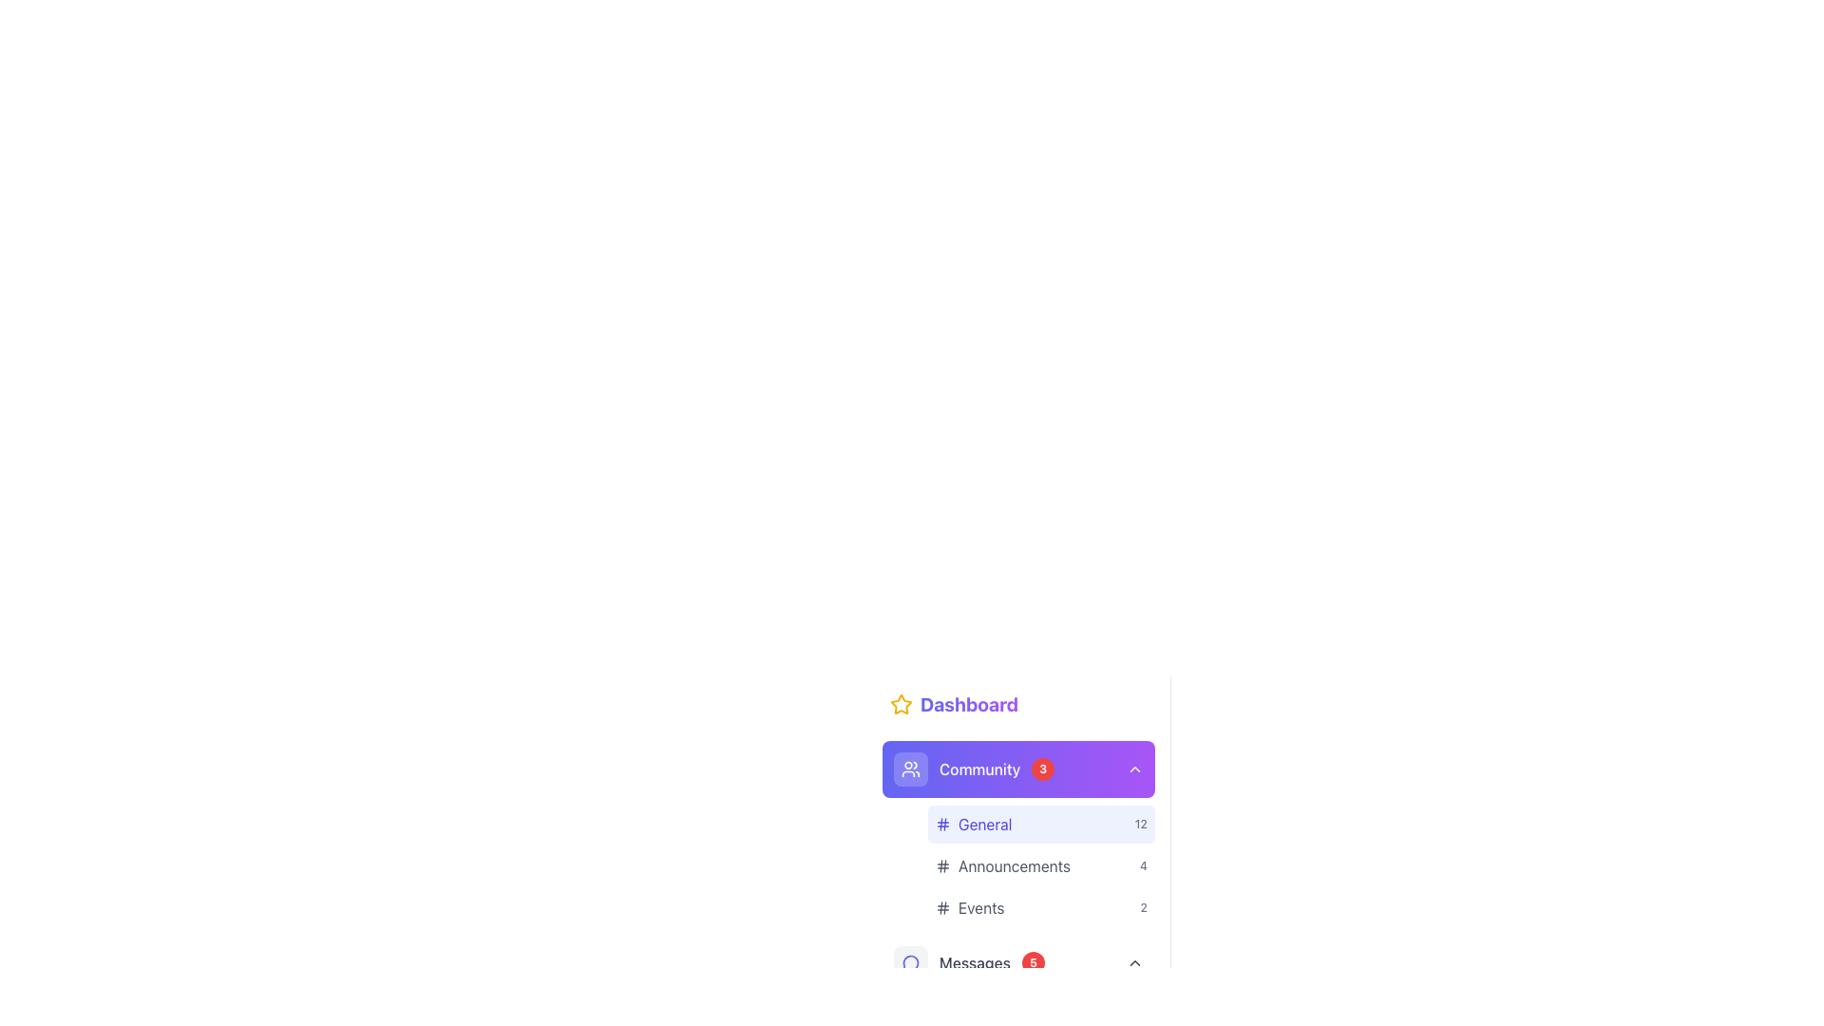 The image size is (1824, 1026). I want to click on the chevron icon at the far-right end of the 'Messages' button area, so click(1135, 963).